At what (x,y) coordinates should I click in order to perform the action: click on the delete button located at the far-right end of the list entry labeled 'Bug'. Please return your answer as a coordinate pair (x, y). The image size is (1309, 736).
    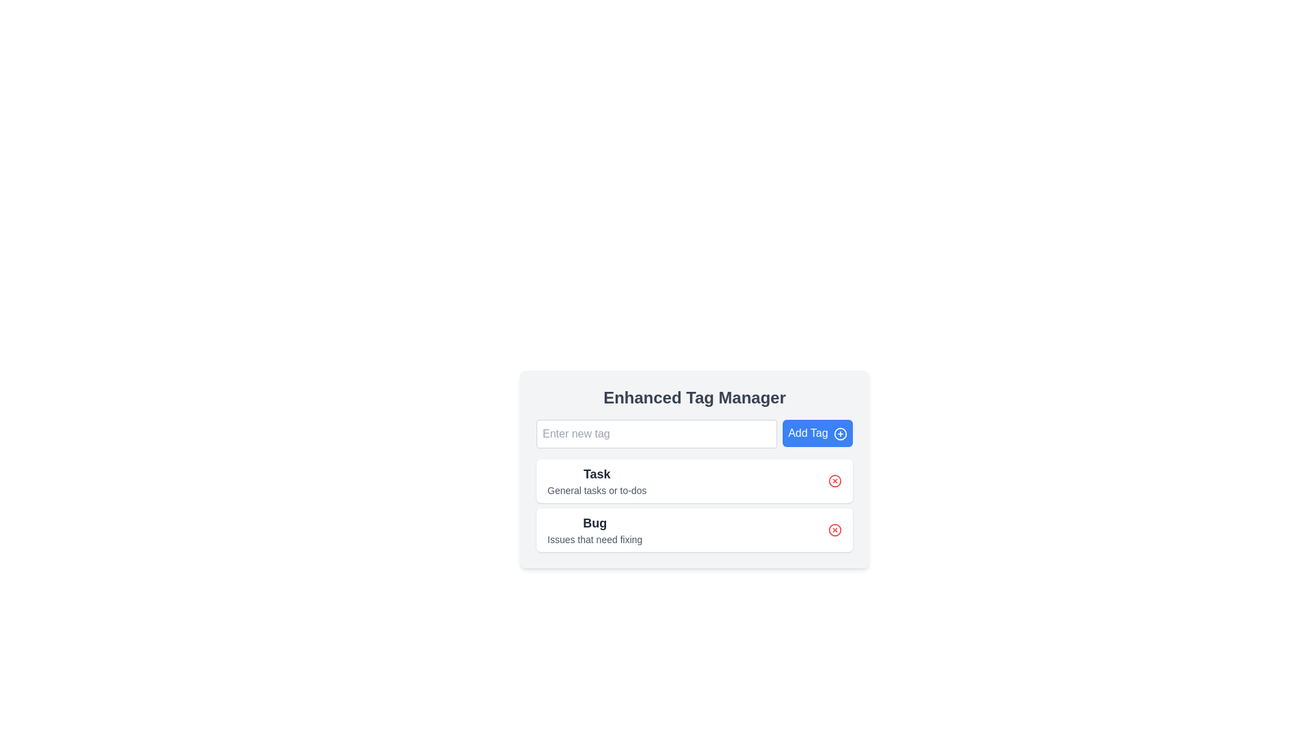
    Looking at the image, I should click on (834, 530).